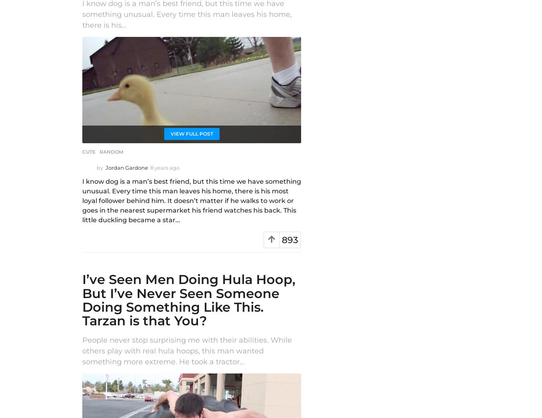 The image size is (542, 418). What do you see at coordinates (289, 239) in the screenshot?
I see `'893'` at bounding box center [289, 239].